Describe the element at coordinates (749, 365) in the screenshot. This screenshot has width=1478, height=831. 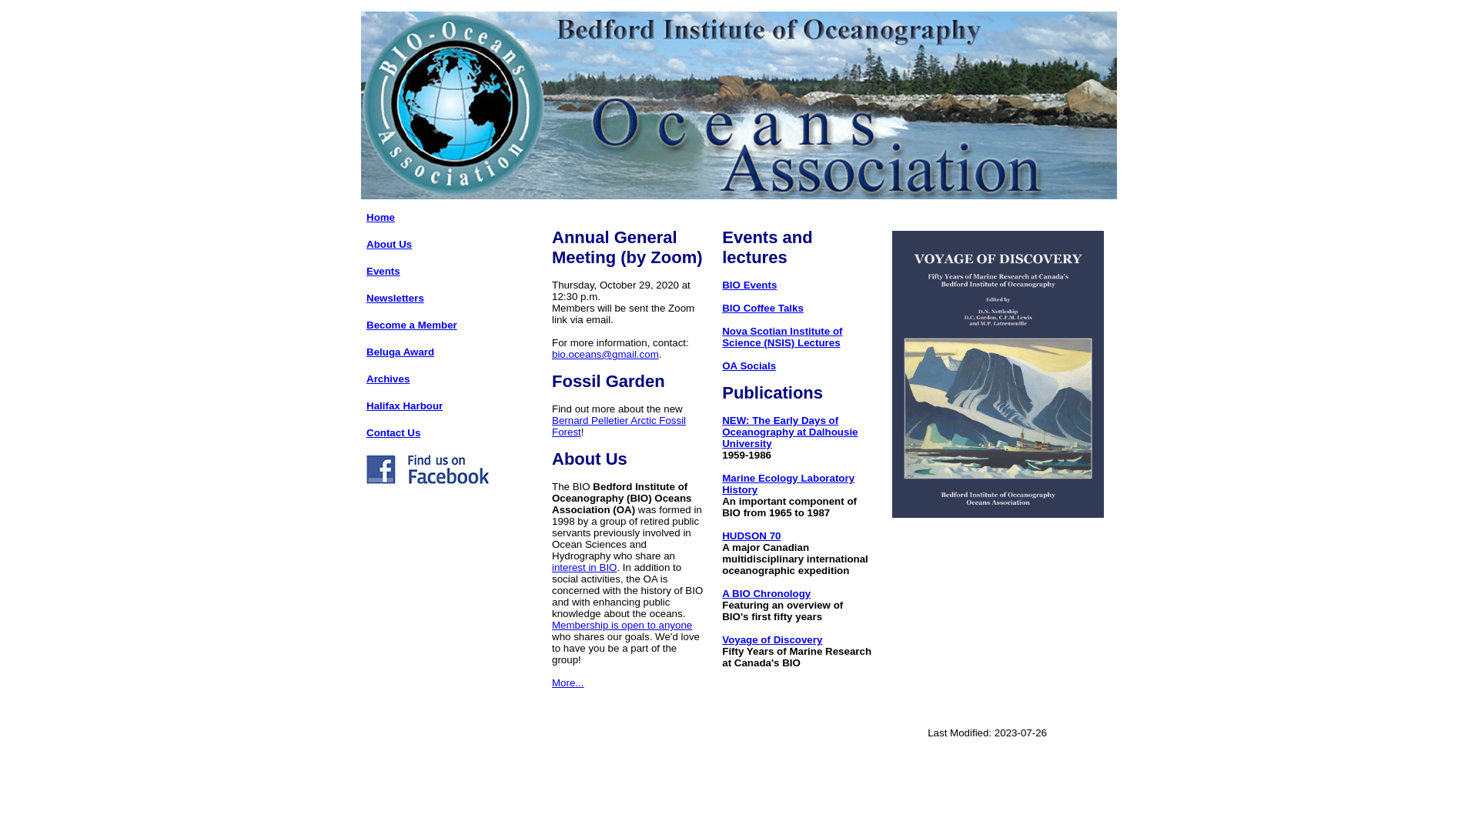
I see `'OA Socials'` at that location.